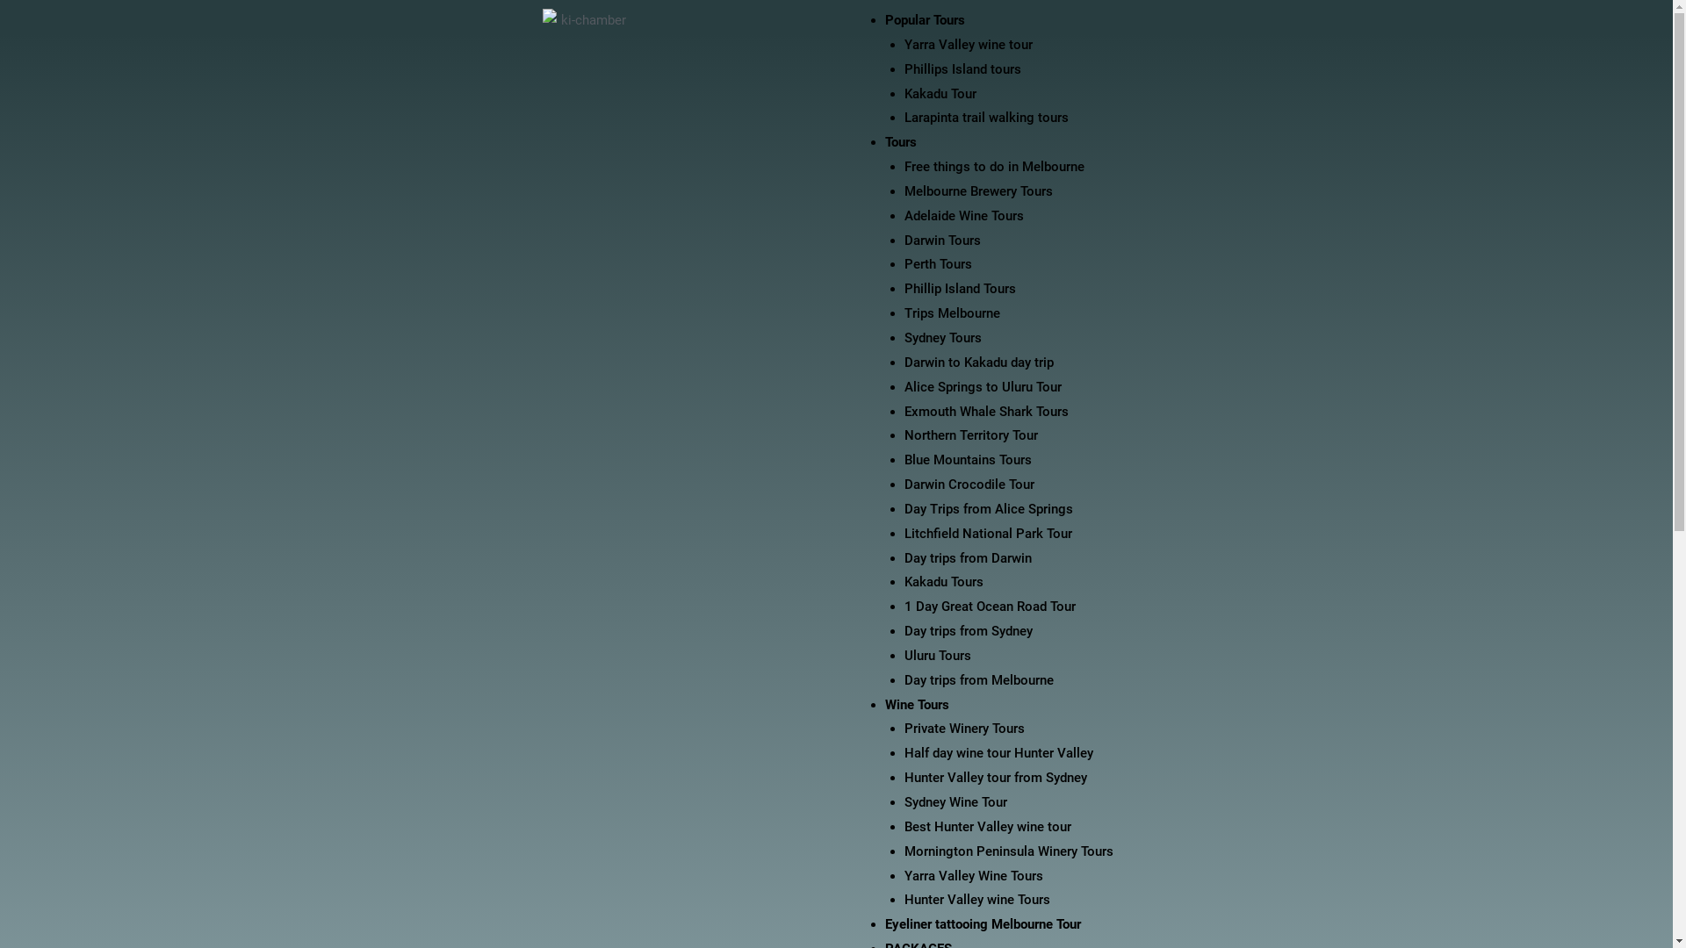  I want to click on 'Private Winery Tours', so click(963, 728).